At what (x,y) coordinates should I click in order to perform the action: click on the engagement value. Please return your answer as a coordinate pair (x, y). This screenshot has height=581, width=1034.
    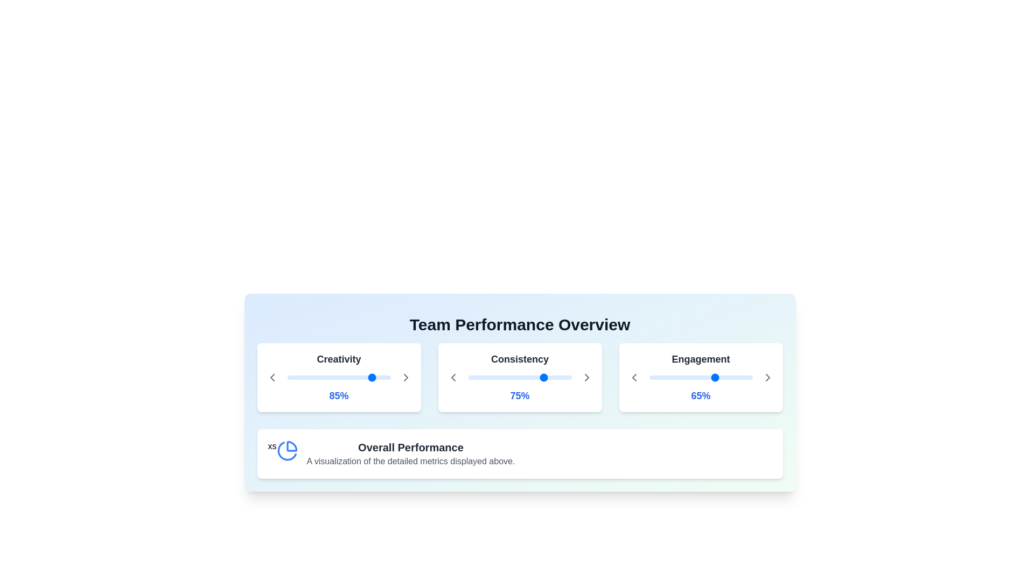
    Looking at the image, I should click on (740, 377).